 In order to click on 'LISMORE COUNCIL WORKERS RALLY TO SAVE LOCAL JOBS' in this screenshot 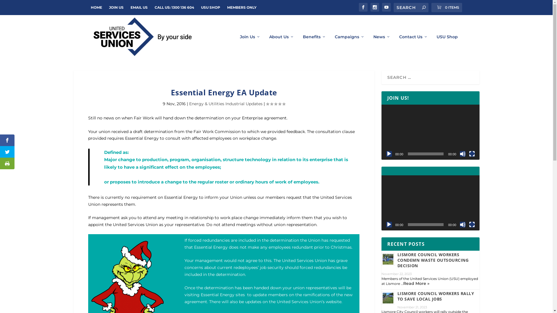, I will do `click(436, 296)`.